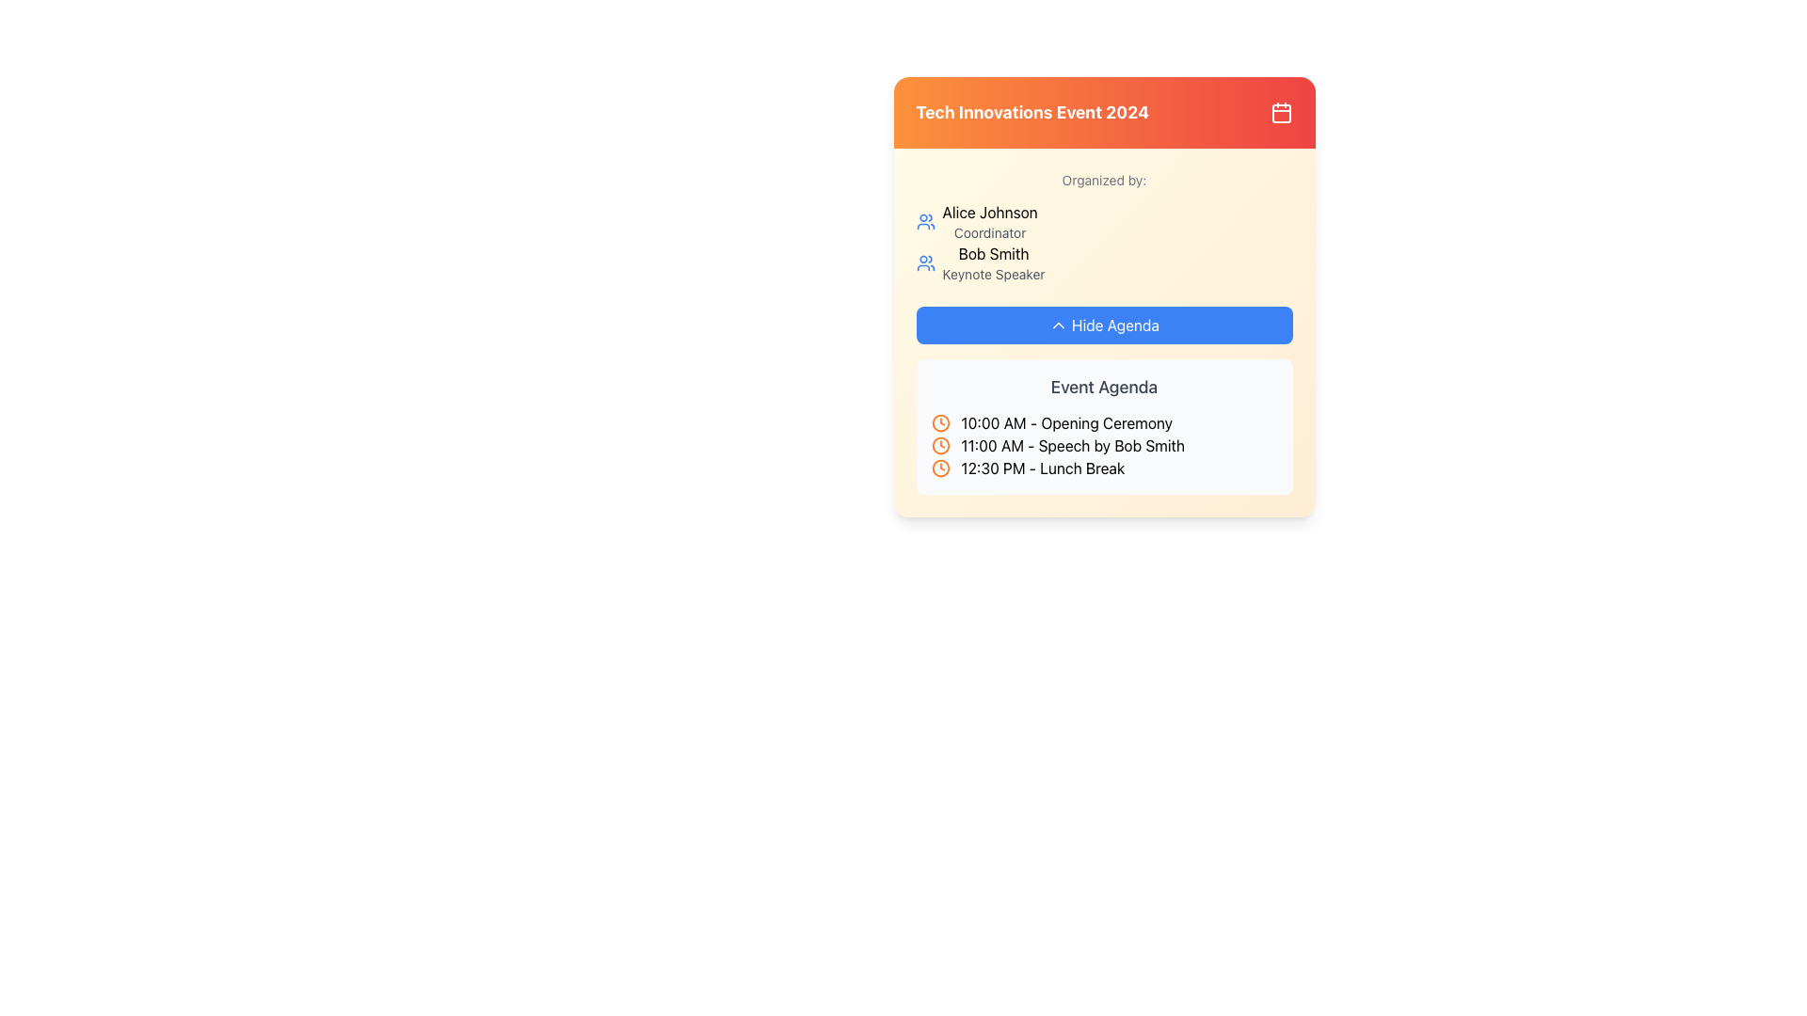 Image resolution: width=1807 pixels, height=1016 pixels. What do you see at coordinates (993, 275) in the screenshot?
I see `the text label that provides additional information about 'Bob Smith', which is located directly below his name` at bounding box center [993, 275].